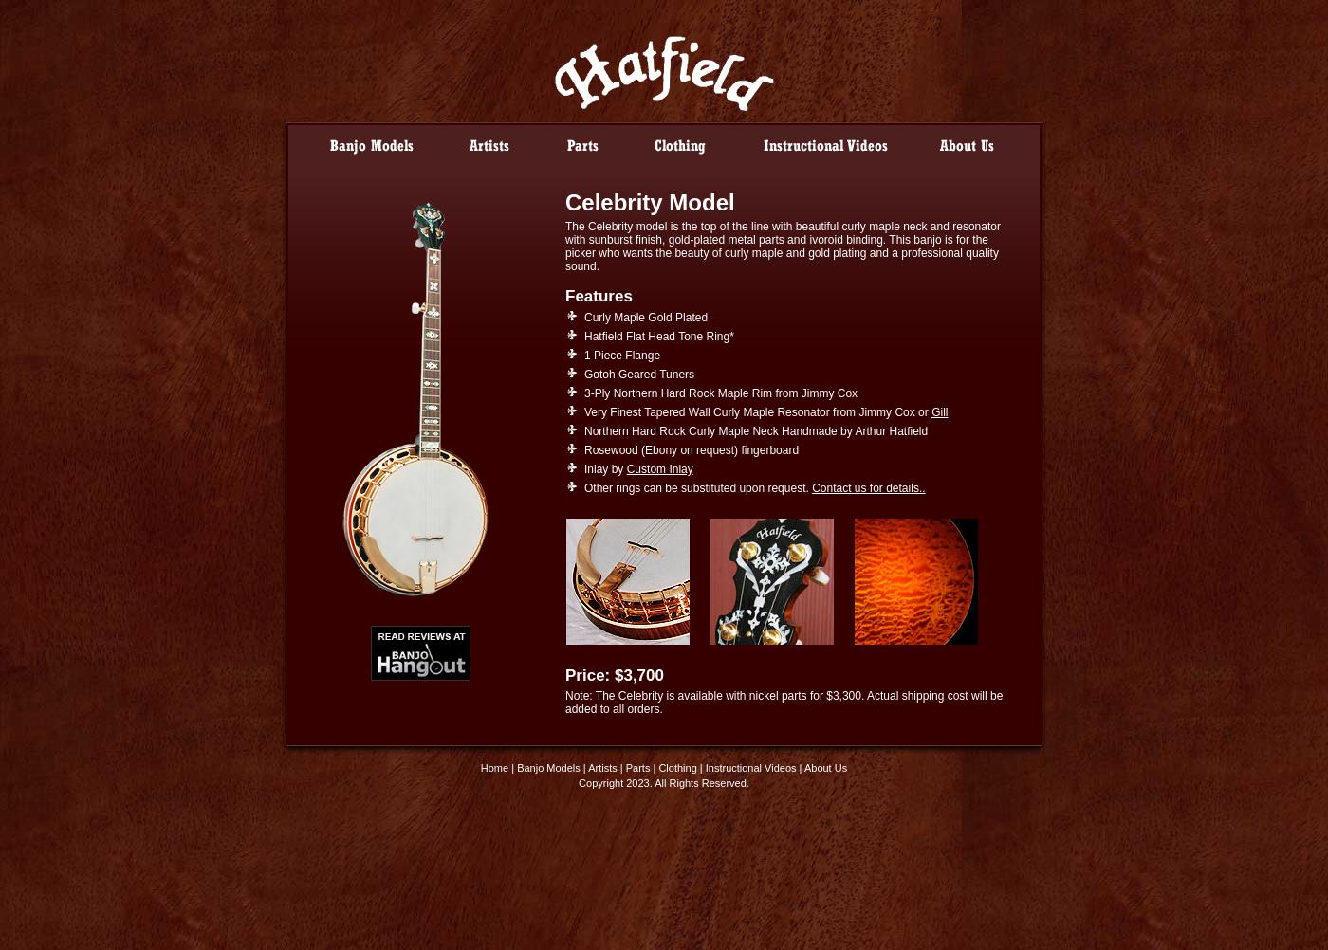  Describe the element at coordinates (602, 767) in the screenshot. I see `'Artists'` at that location.